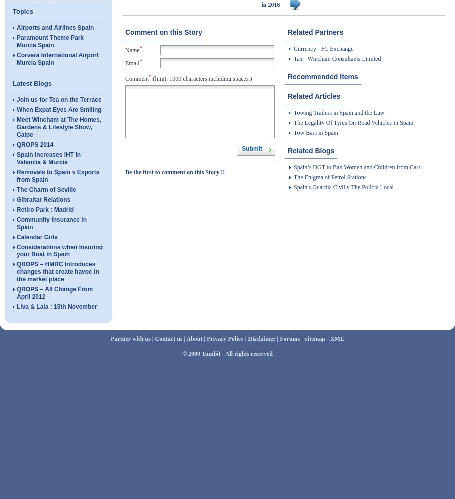 This screenshot has width=455, height=499. I want to click on 'Retiro Park : Madrid', so click(45, 210).